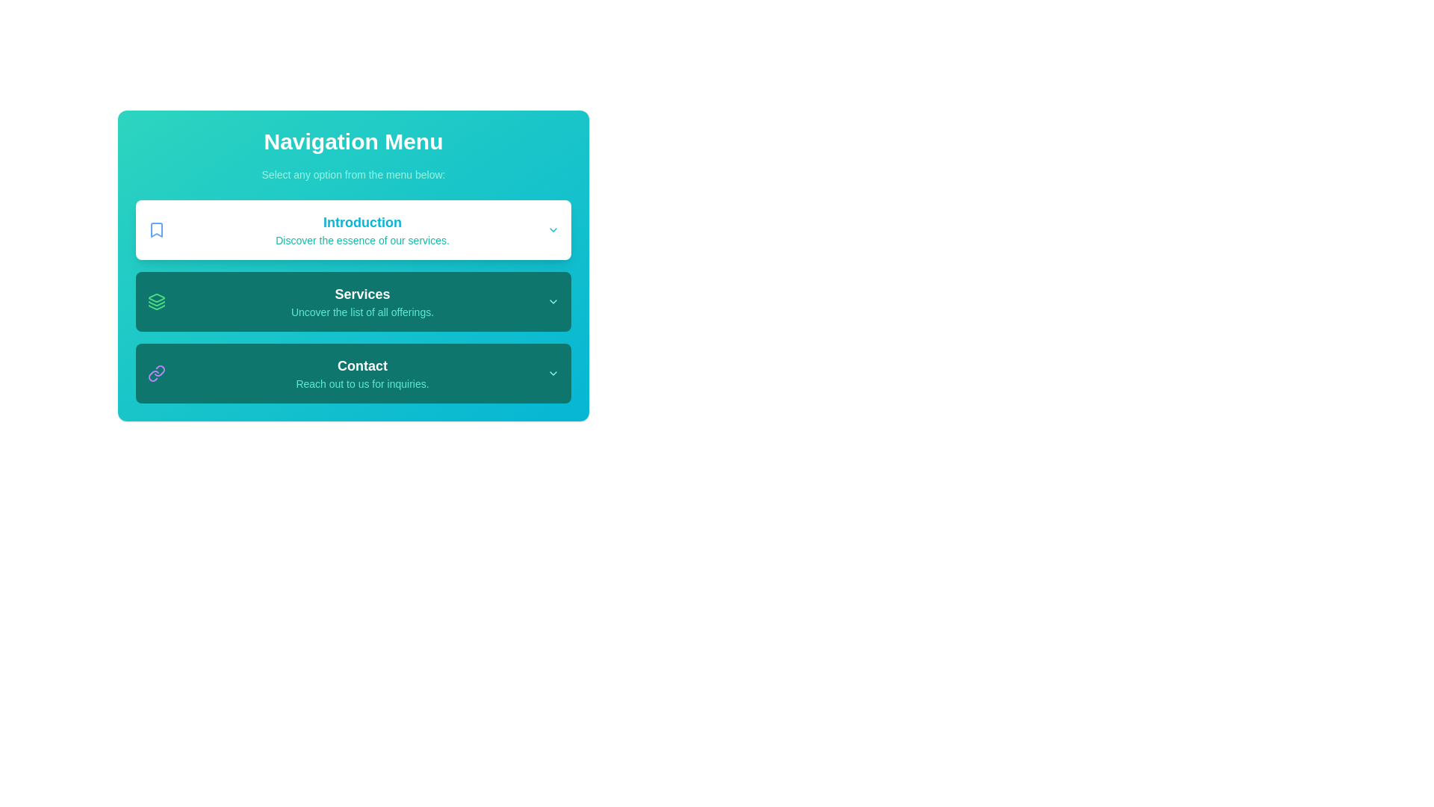 The image size is (1434, 807). I want to click on the static informational text displaying 'Select any option from the menu below:', which is styled in teal and located below the 'Navigation Menu' heading, so click(353, 174).